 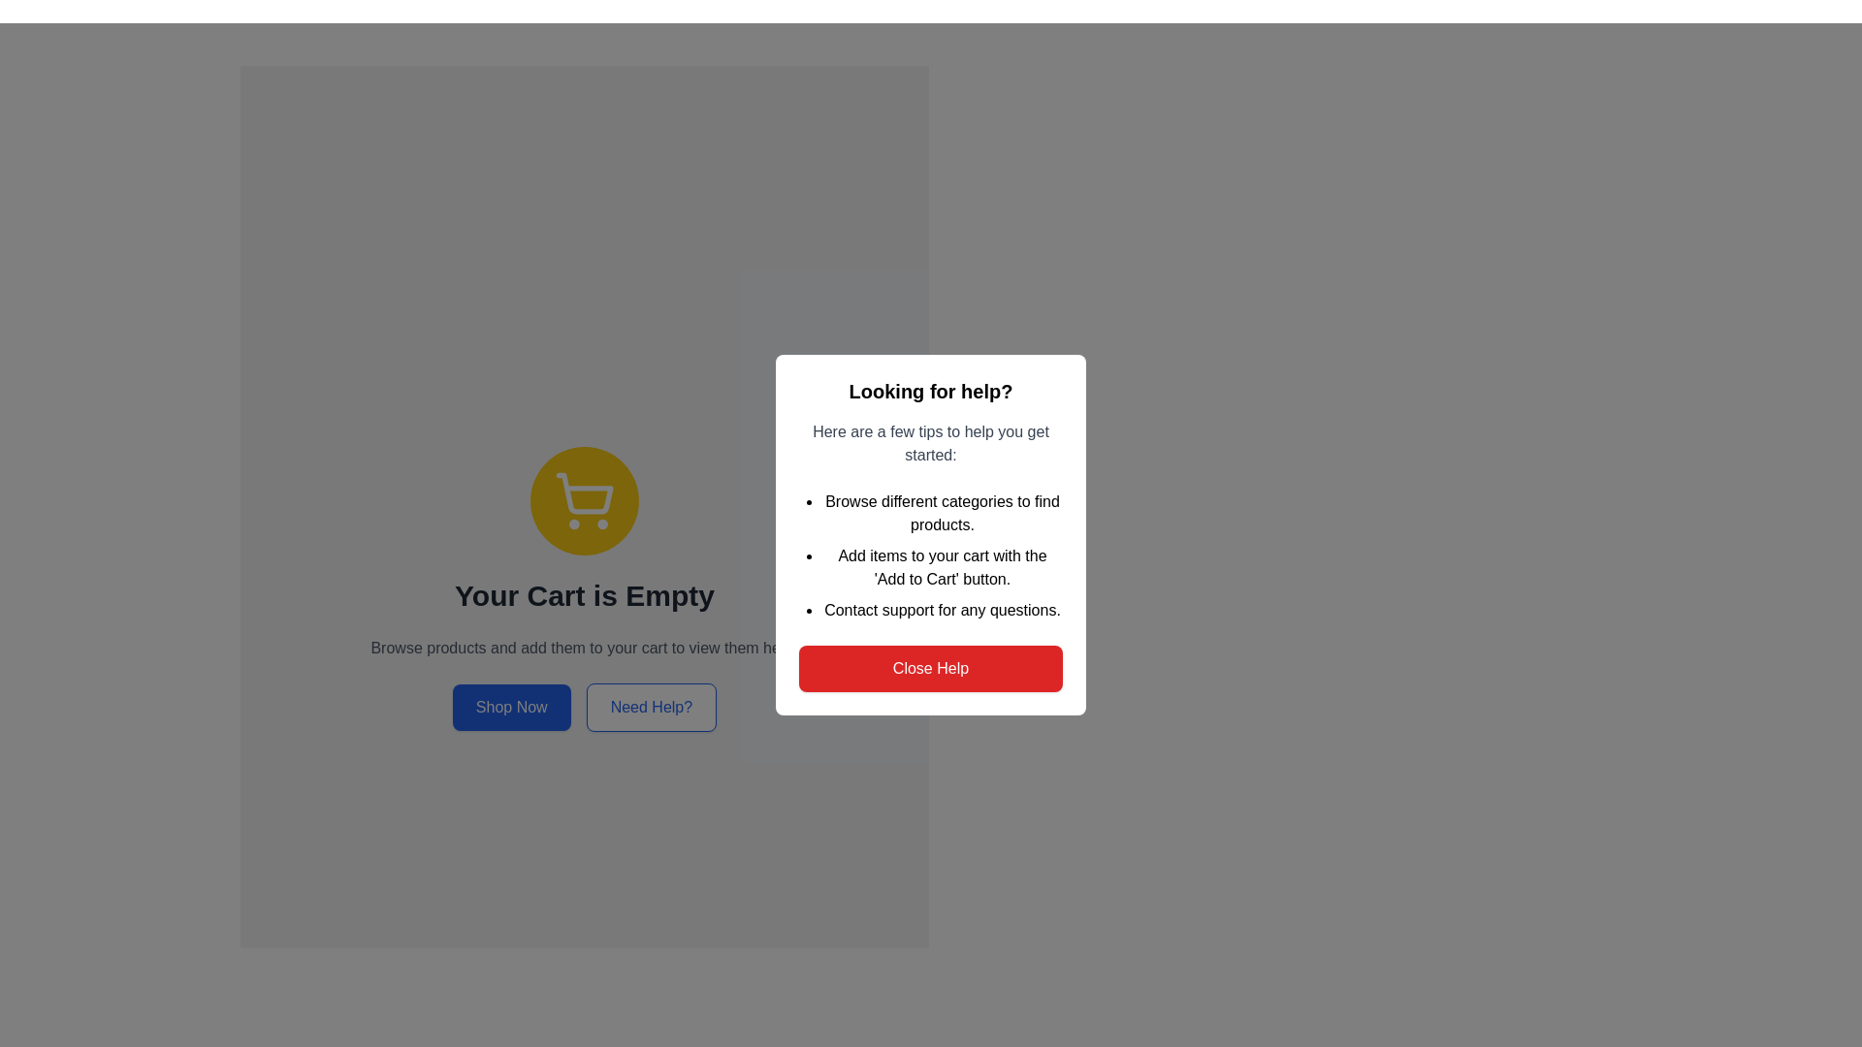 What do you see at coordinates (584, 499) in the screenshot?
I see `the circular yellow button containing the white shopping cart icon, which is centrally positioned above the text 'Your Cart is Empty'` at bounding box center [584, 499].